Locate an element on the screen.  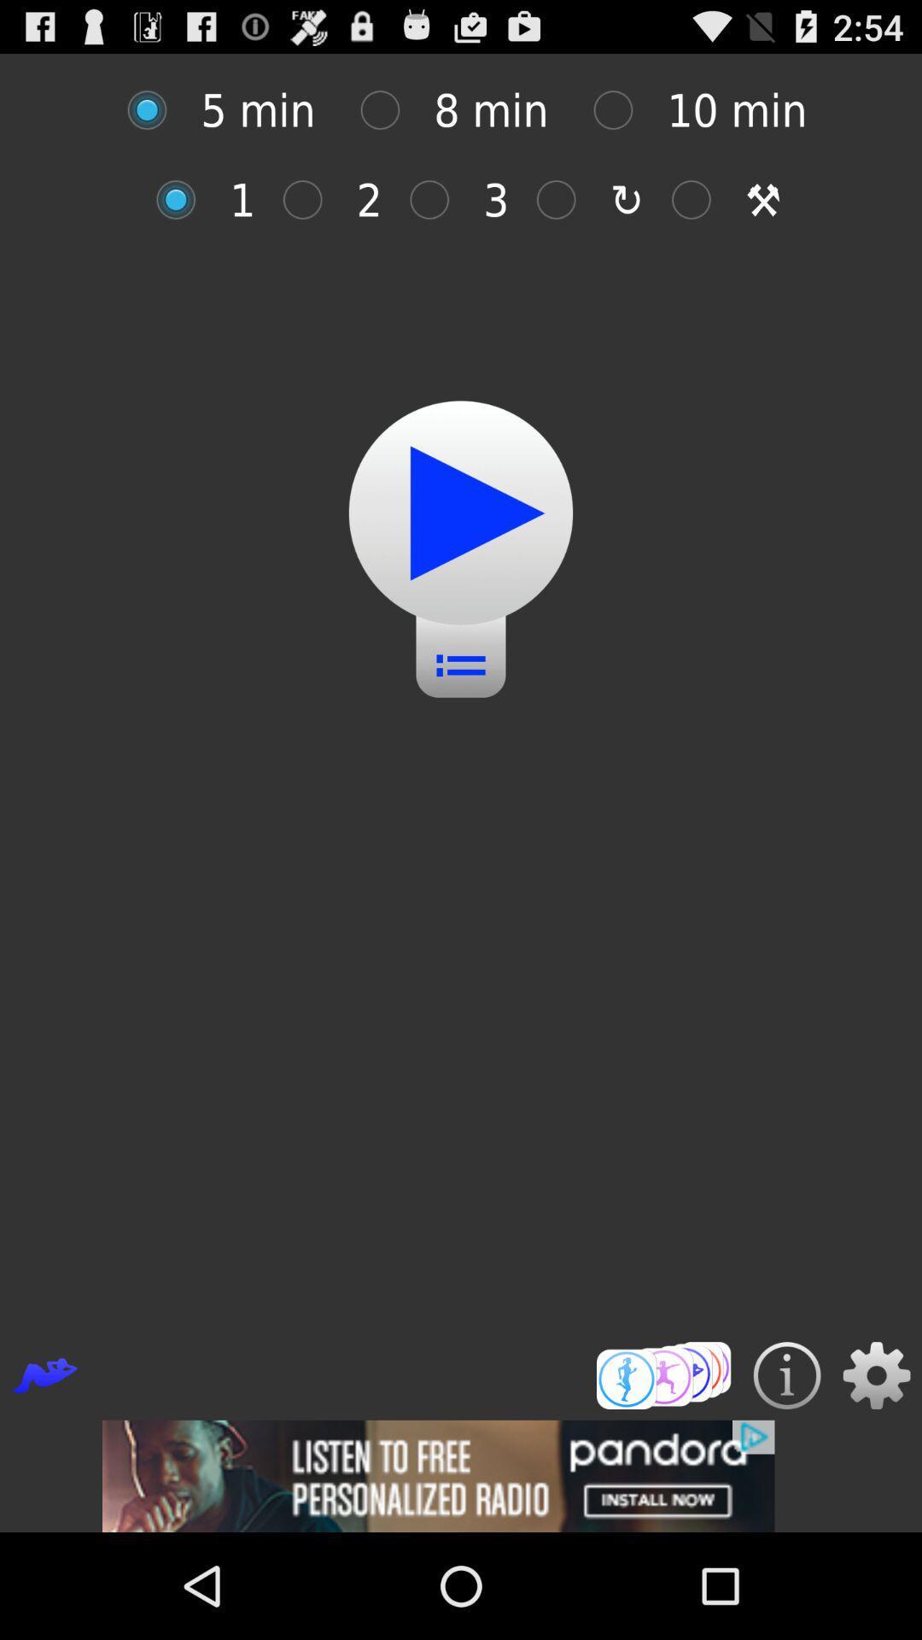
click the 3 option is located at coordinates (437, 200).